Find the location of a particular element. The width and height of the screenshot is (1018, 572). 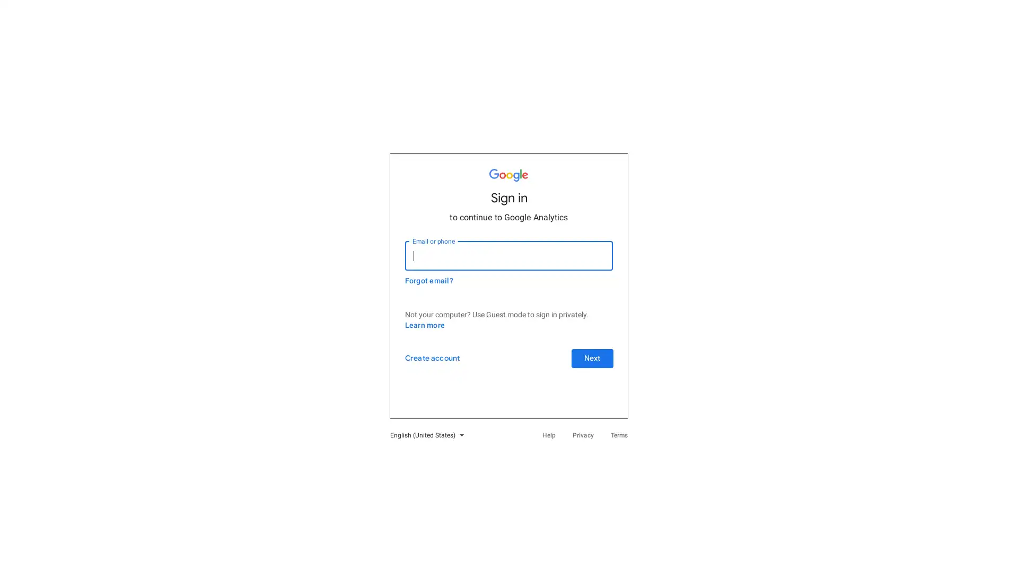

Forgot email? is located at coordinates (435, 290).